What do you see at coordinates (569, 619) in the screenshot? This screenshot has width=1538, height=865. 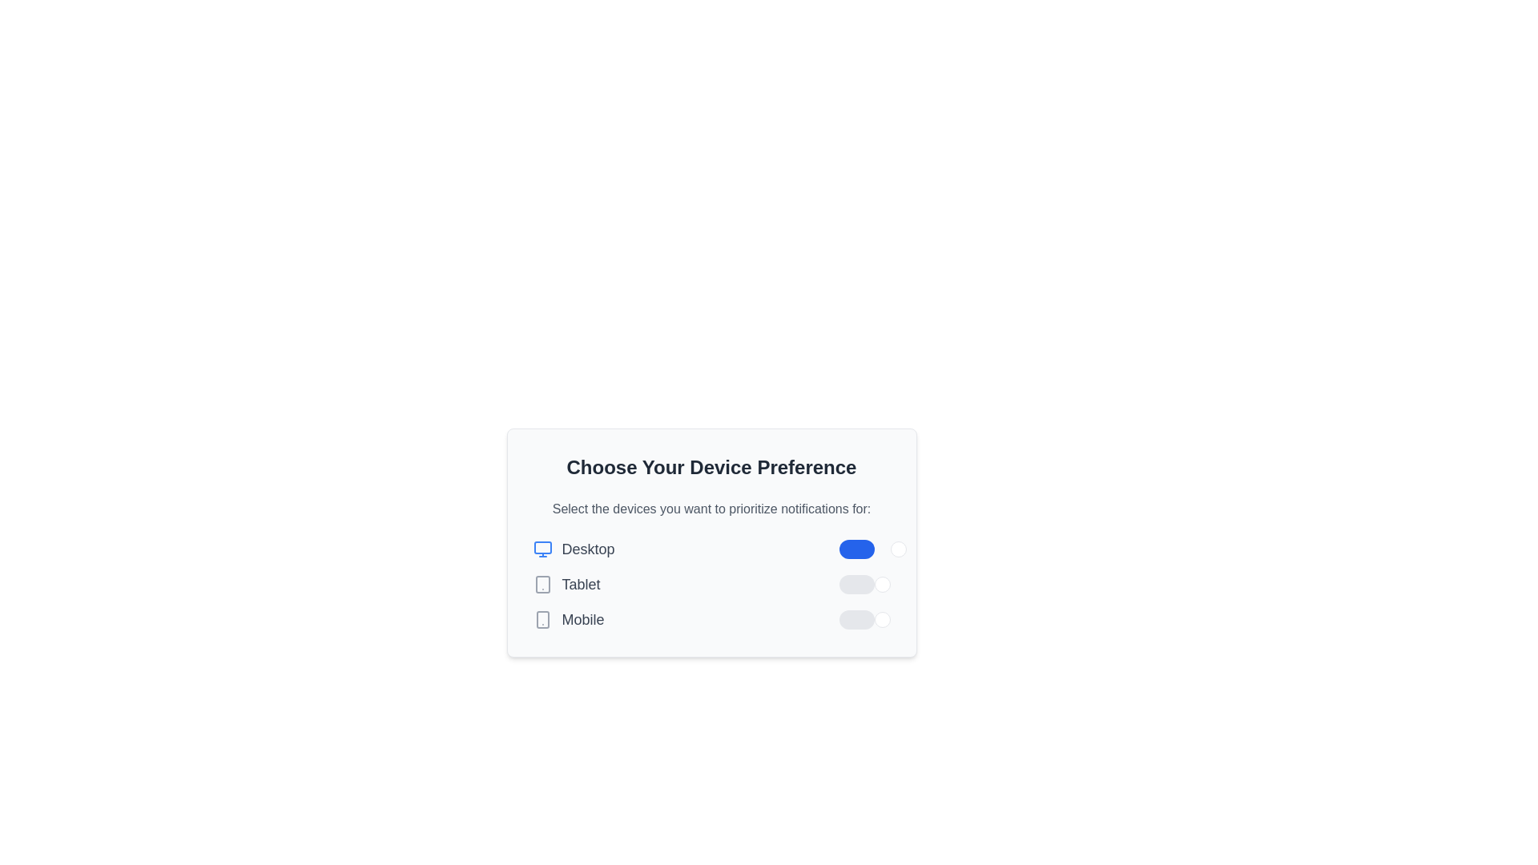 I see `the Label with icon displaying a smartphone icon and the word 'Mobile', which is the third item in the list under 'Choose Your Device Preference'` at bounding box center [569, 619].